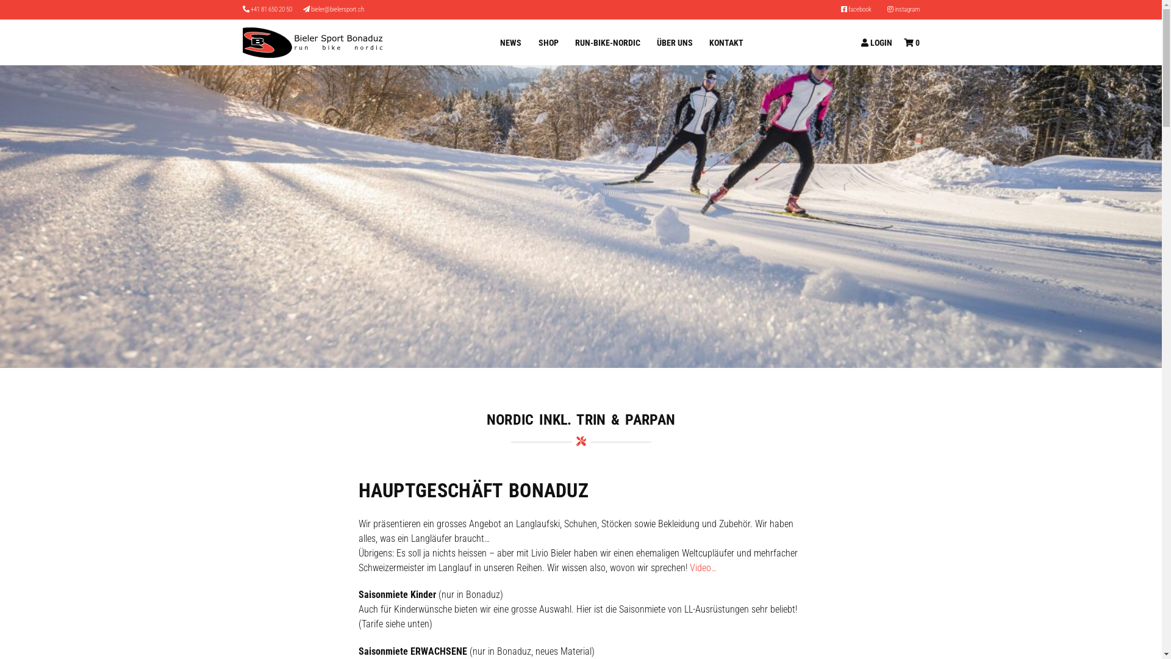 The width and height of the screenshot is (1171, 659). Describe the element at coordinates (876, 41) in the screenshot. I see `'LOGIN'` at that location.